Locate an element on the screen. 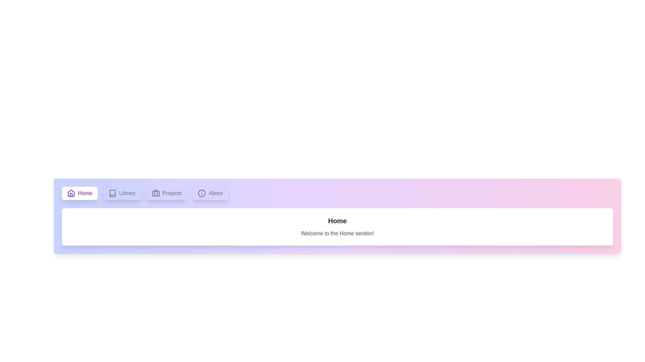 This screenshot has width=645, height=362. the tab labeled Home is located at coordinates (79, 193).